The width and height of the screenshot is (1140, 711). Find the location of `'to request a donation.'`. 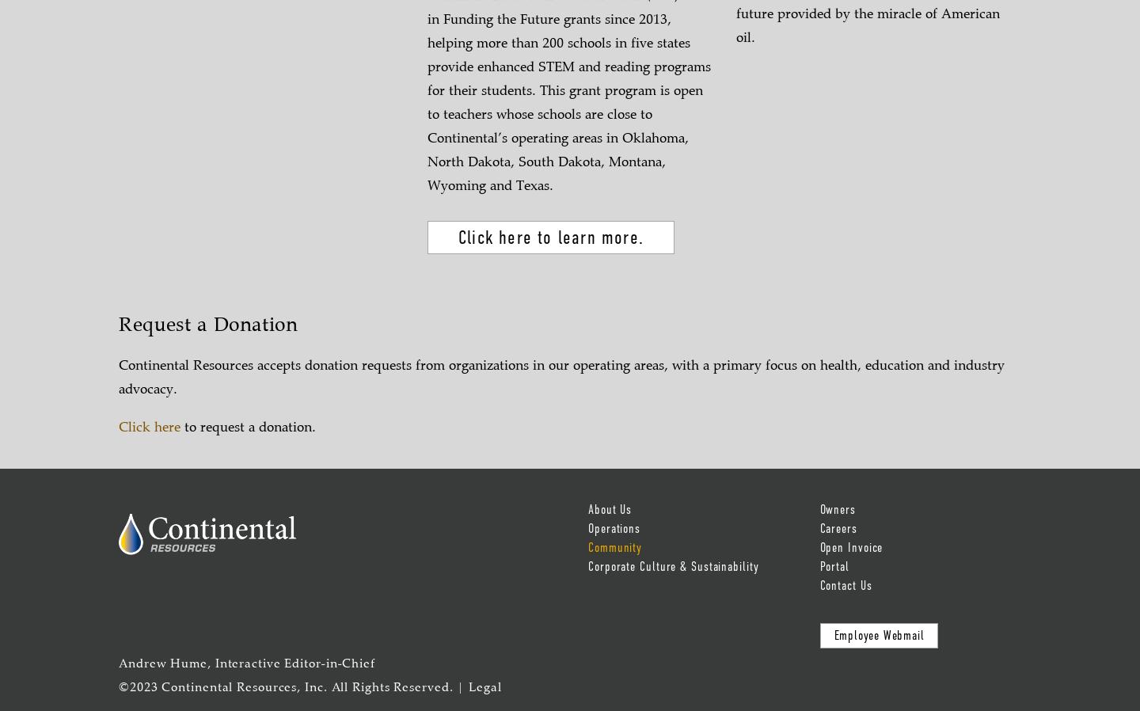

'to request a donation.' is located at coordinates (248, 427).